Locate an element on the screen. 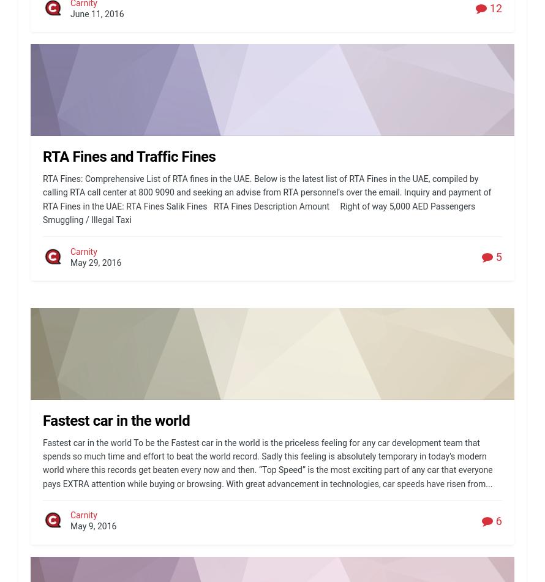 This screenshot has height=582, width=545. '5' is located at coordinates (497, 256).